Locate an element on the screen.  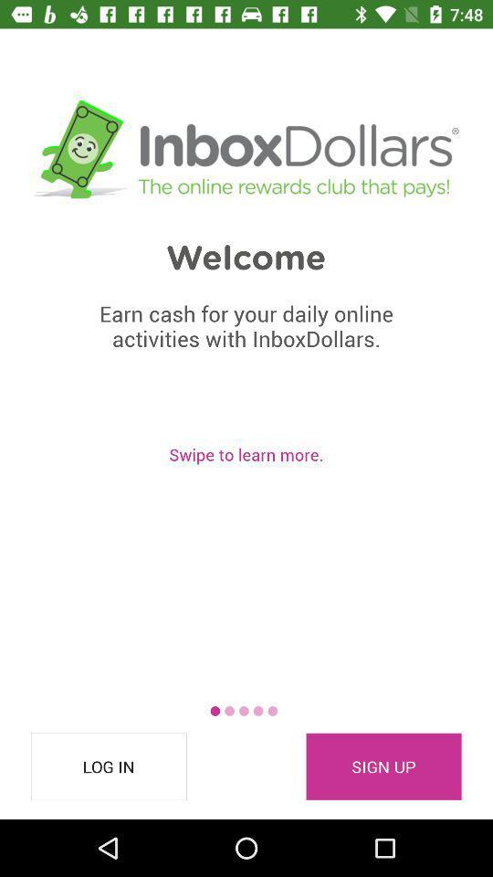
the sign up icon is located at coordinates (383, 766).